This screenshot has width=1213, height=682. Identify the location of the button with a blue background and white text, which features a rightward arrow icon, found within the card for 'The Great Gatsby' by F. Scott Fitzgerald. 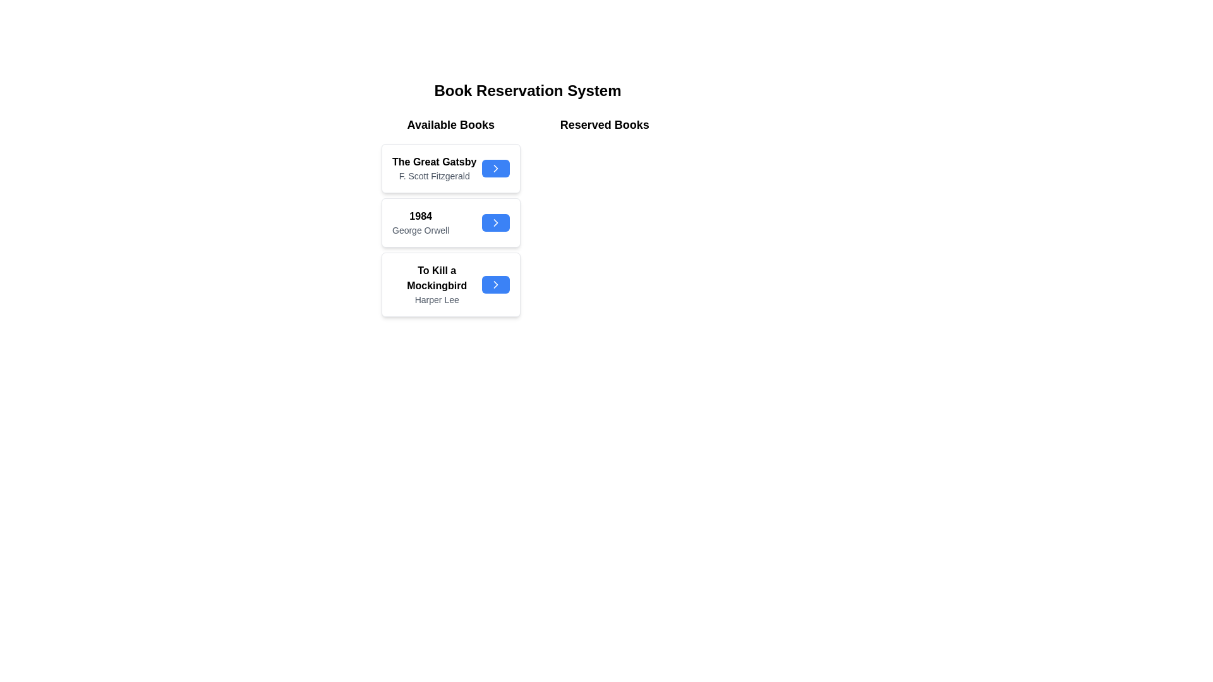
(495, 167).